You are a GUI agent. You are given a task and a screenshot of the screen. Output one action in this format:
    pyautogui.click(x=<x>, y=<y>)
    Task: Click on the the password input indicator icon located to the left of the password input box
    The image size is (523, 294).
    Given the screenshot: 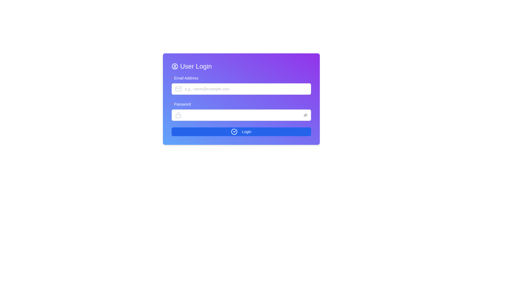 What is the action you would take?
    pyautogui.click(x=179, y=115)
    